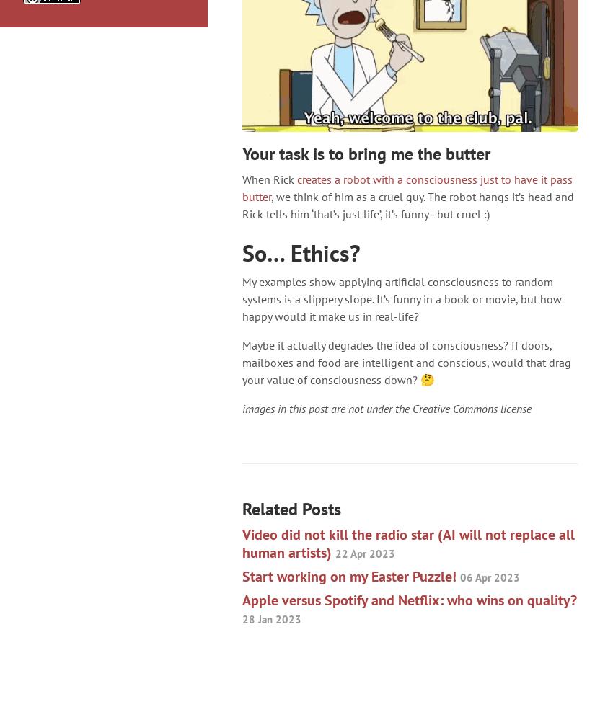 The height and width of the screenshot is (707, 613). What do you see at coordinates (242, 599) in the screenshot?
I see `'Apple versus Spotify and Netflix: who wins on quality?'` at bounding box center [242, 599].